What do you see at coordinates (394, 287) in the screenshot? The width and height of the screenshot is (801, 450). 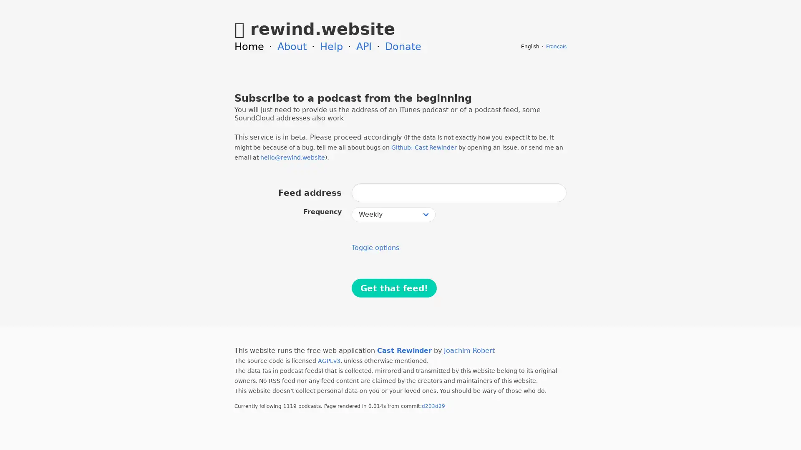 I see `Get that feed!` at bounding box center [394, 287].